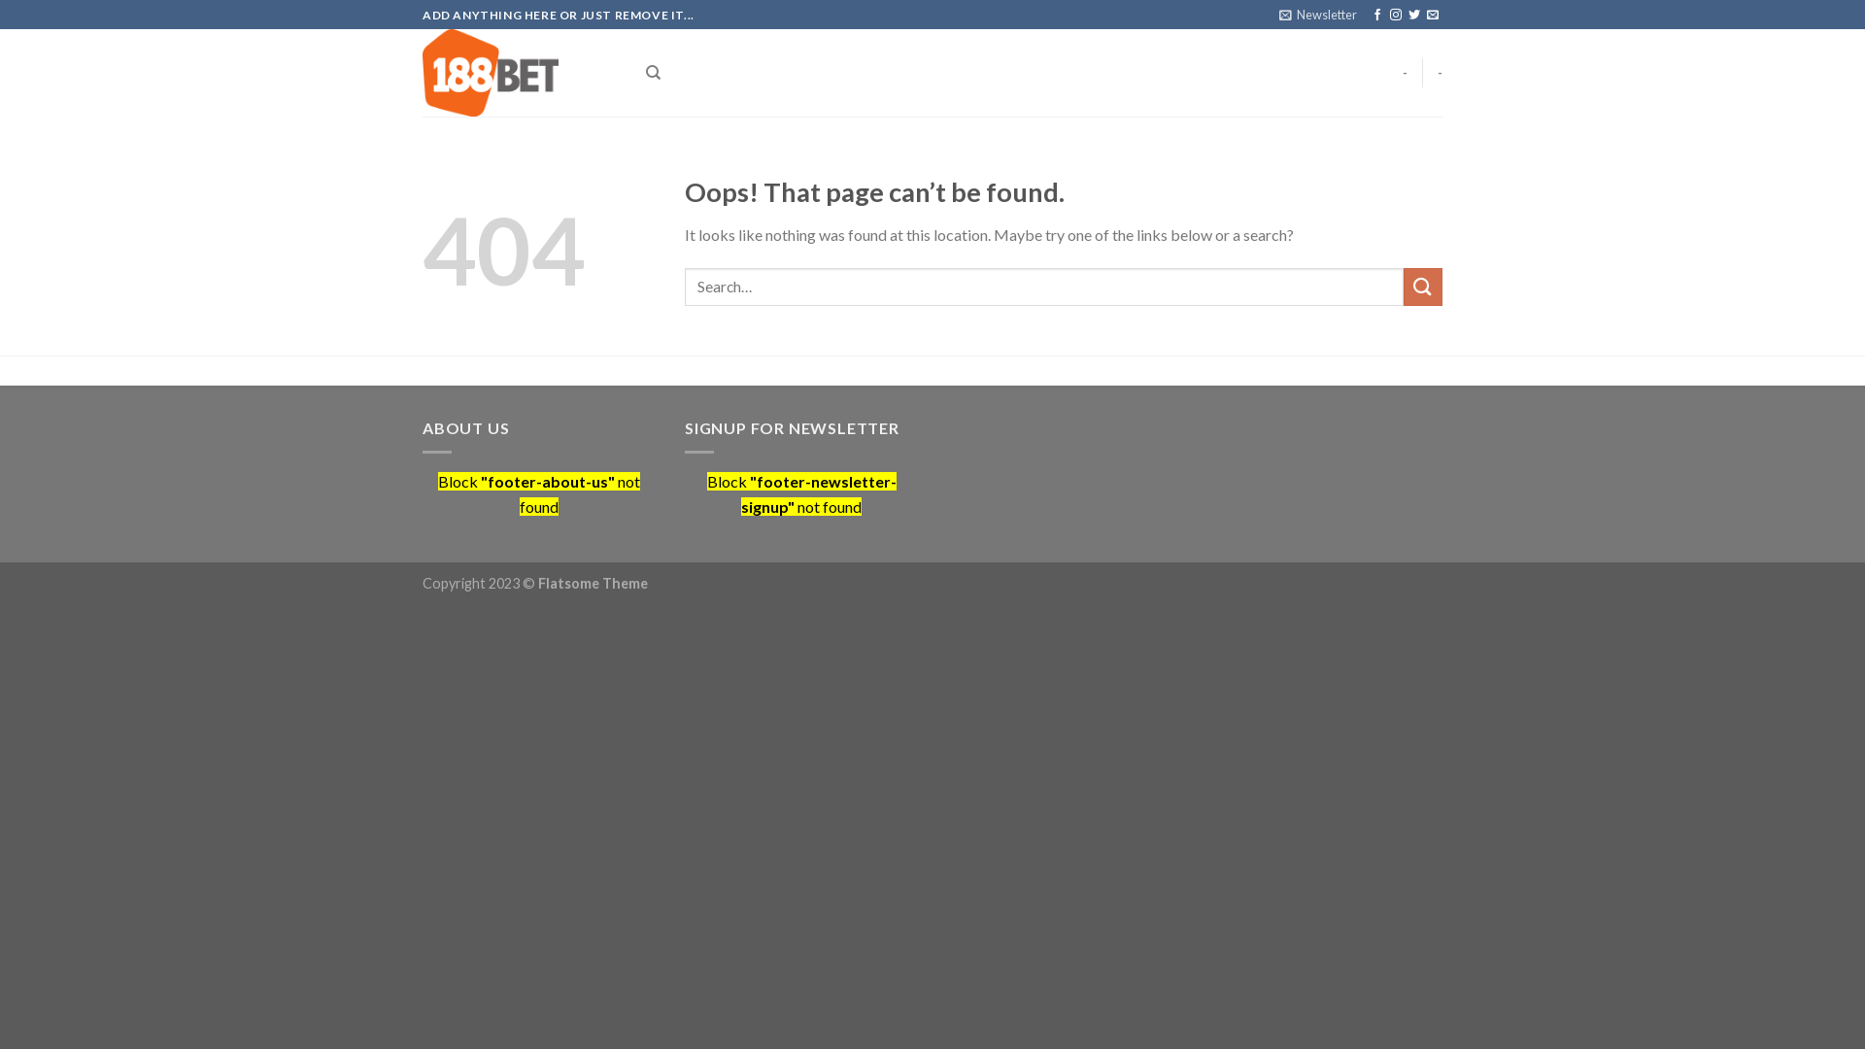  I want to click on 'Follow on Instagram', so click(1394, 15).